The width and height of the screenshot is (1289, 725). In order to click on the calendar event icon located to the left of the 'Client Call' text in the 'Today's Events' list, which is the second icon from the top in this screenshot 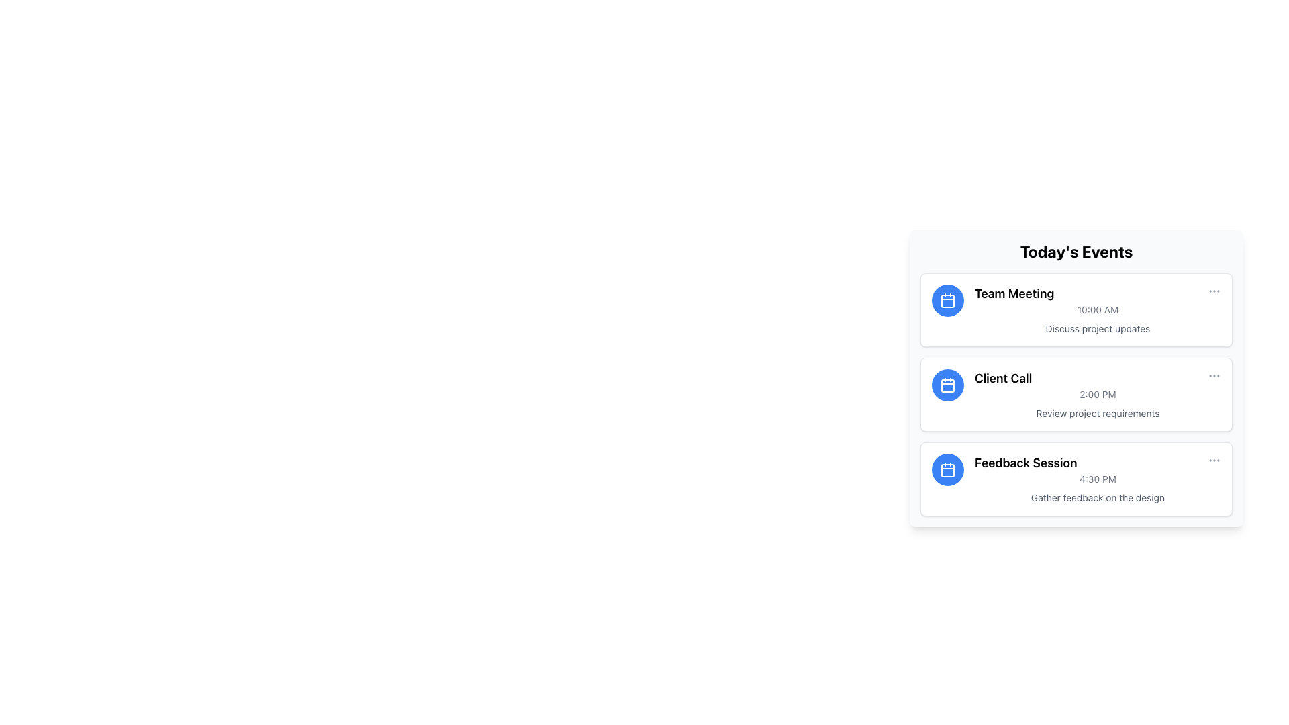, I will do `click(947, 385)`.